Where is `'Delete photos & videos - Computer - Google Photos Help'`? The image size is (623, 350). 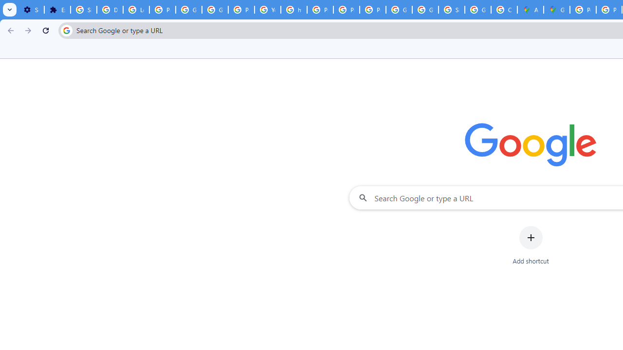 'Delete photos & videos - Computer - Google Photos Help' is located at coordinates (110, 10).